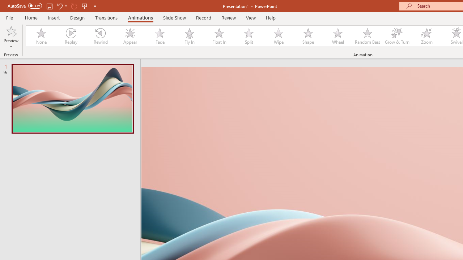 The image size is (463, 260). I want to click on 'Float In', so click(218, 36).